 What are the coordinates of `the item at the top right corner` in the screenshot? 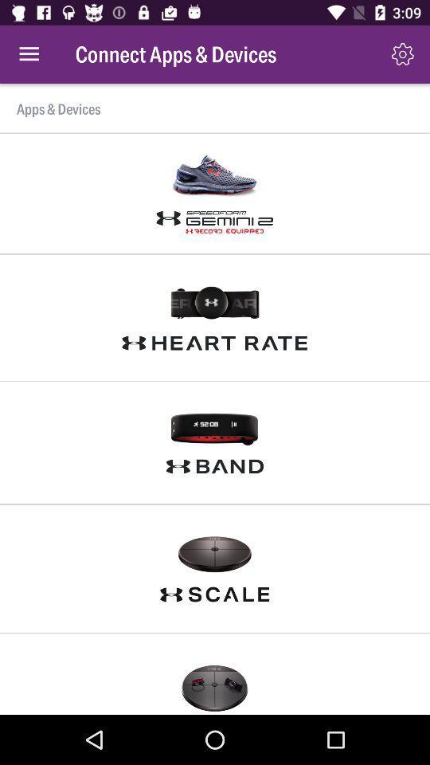 It's located at (401, 54).